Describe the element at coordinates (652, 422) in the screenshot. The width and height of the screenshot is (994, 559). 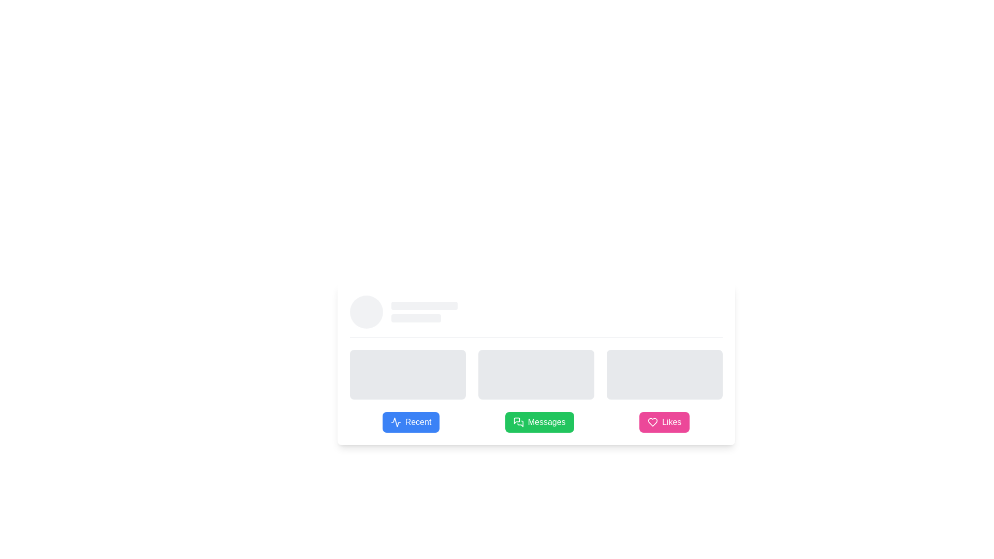
I see `the heart icon within the 'Likes' button, which is the third button among 'Recent', 'Messages', and 'Likes' at the bottom-right of the interface` at that location.